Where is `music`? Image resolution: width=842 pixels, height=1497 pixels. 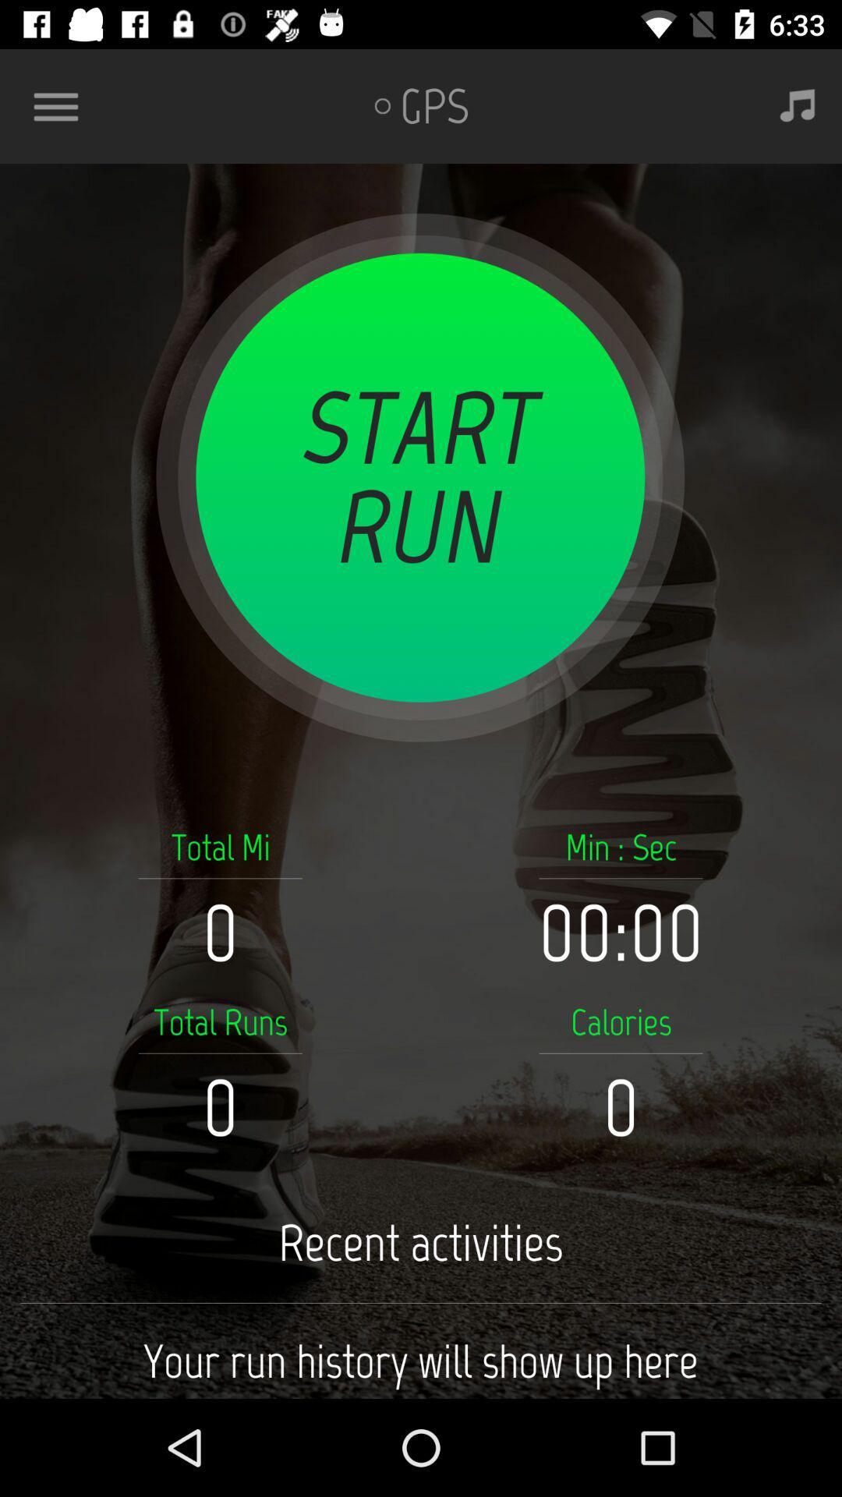
music is located at coordinates (798, 105).